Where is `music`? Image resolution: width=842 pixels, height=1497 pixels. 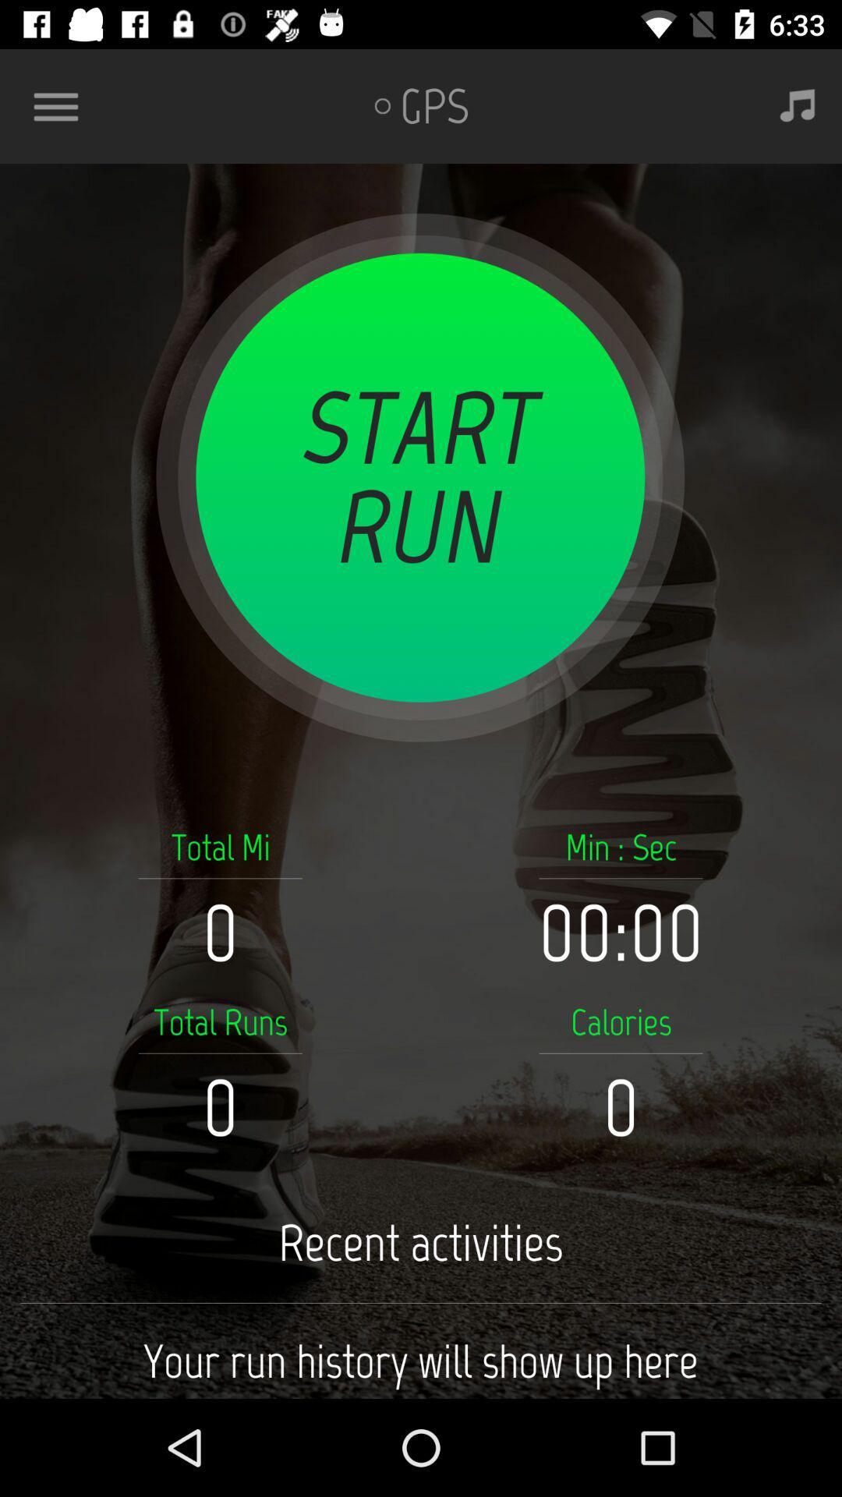
music is located at coordinates (798, 105).